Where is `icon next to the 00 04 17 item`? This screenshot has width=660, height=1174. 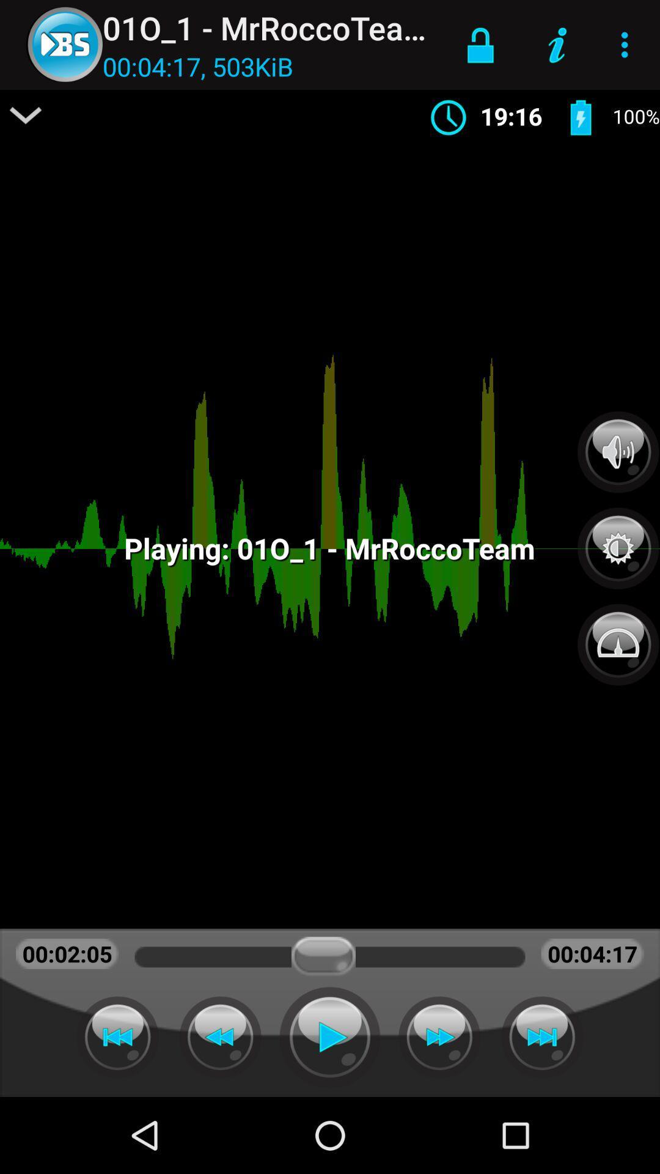
icon next to the 00 04 17 item is located at coordinates (26, 115).